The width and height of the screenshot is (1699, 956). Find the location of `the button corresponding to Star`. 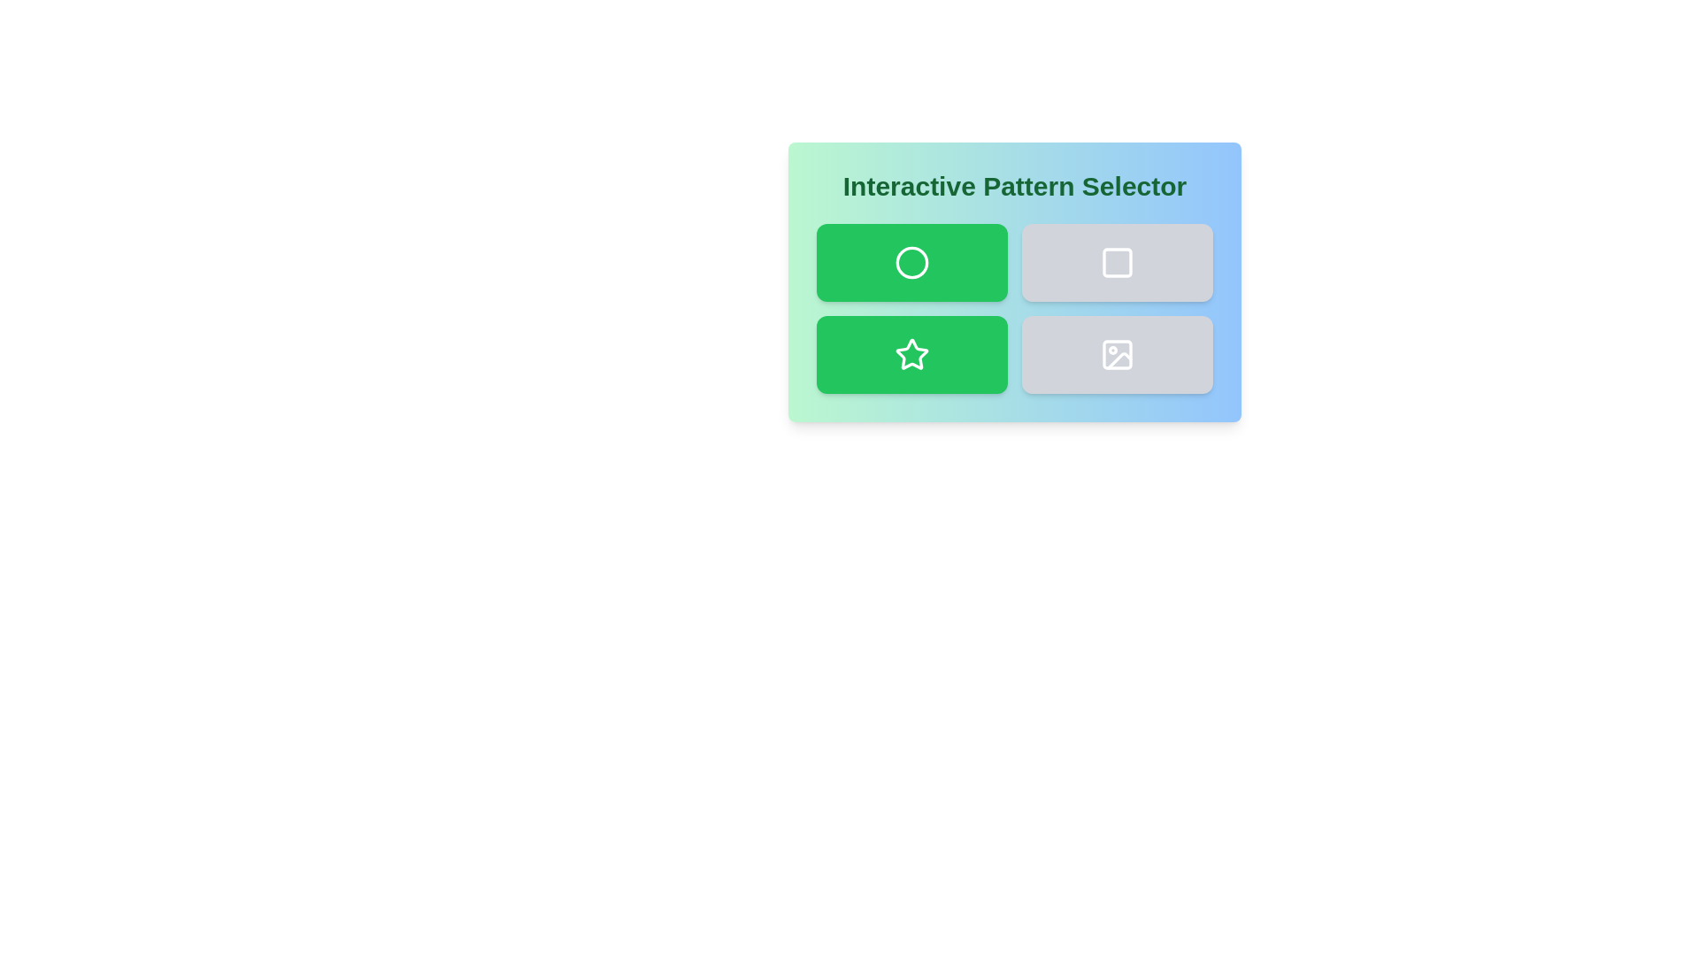

the button corresponding to Star is located at coordinates (912, 355).